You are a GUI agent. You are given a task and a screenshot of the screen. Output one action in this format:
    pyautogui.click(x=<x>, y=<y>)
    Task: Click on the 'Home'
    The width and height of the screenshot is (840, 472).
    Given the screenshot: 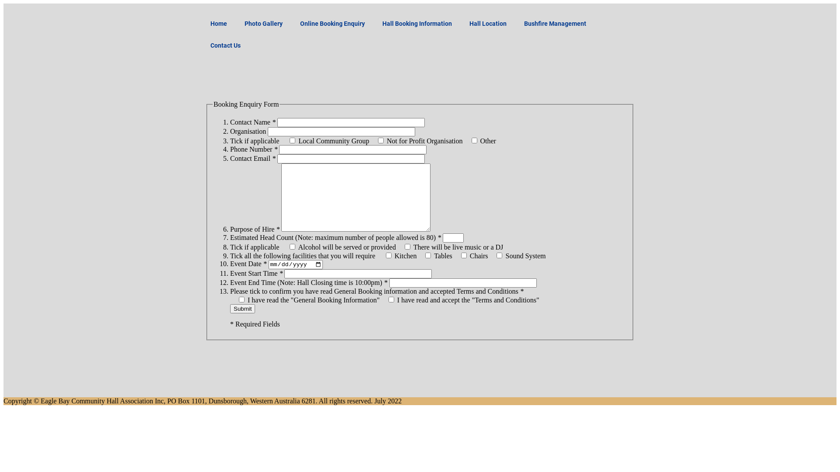 What is the action you would take?
    pyautogui.click(x=201, y=23)
    